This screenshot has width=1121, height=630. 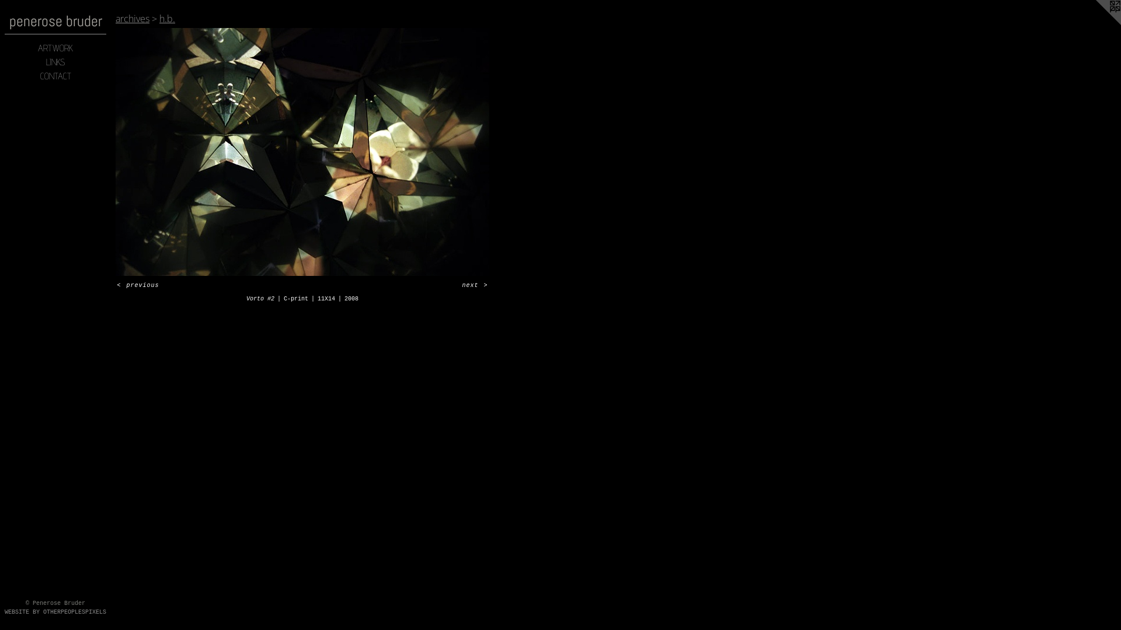 I want to click on 'archives', so click(x=132, y=18).